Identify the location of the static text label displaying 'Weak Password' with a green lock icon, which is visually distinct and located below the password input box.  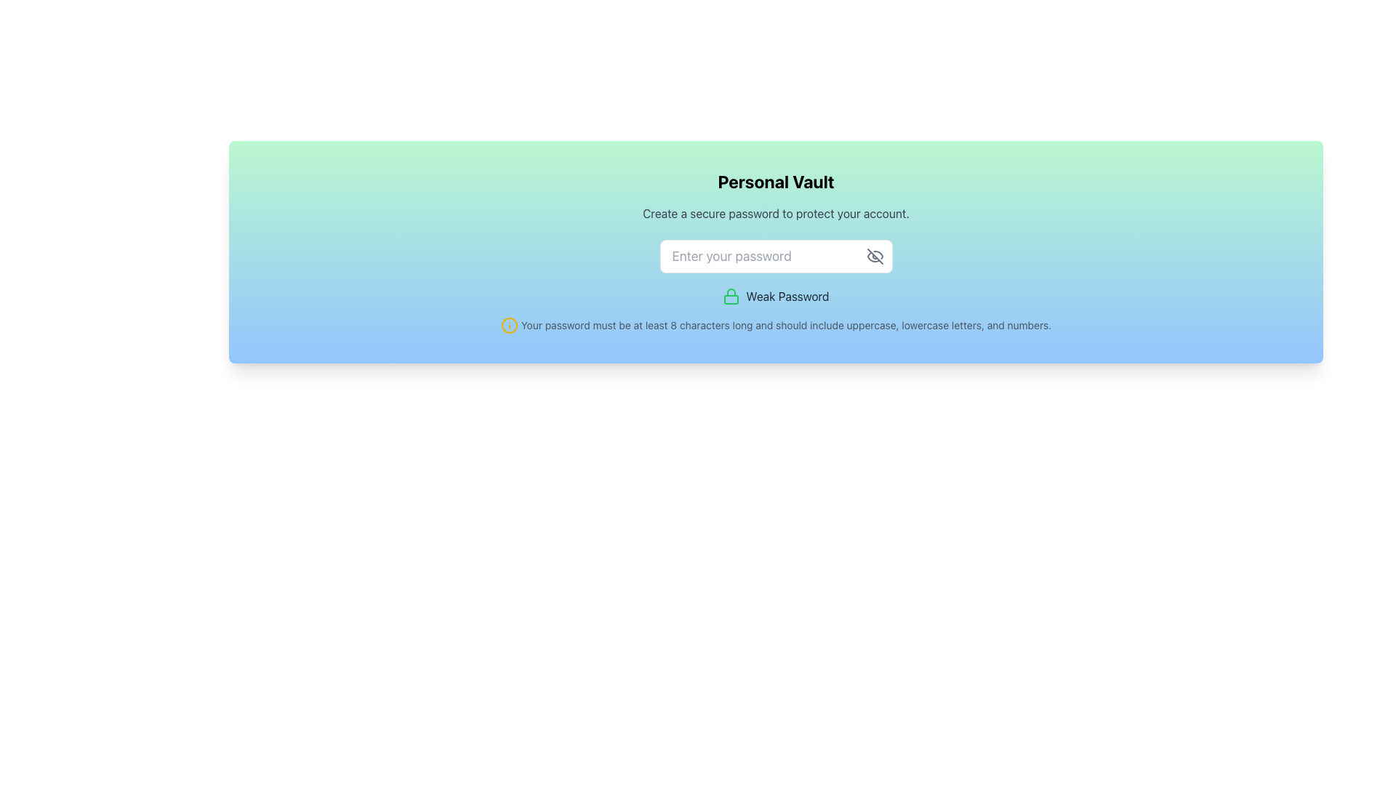
(775, 296).